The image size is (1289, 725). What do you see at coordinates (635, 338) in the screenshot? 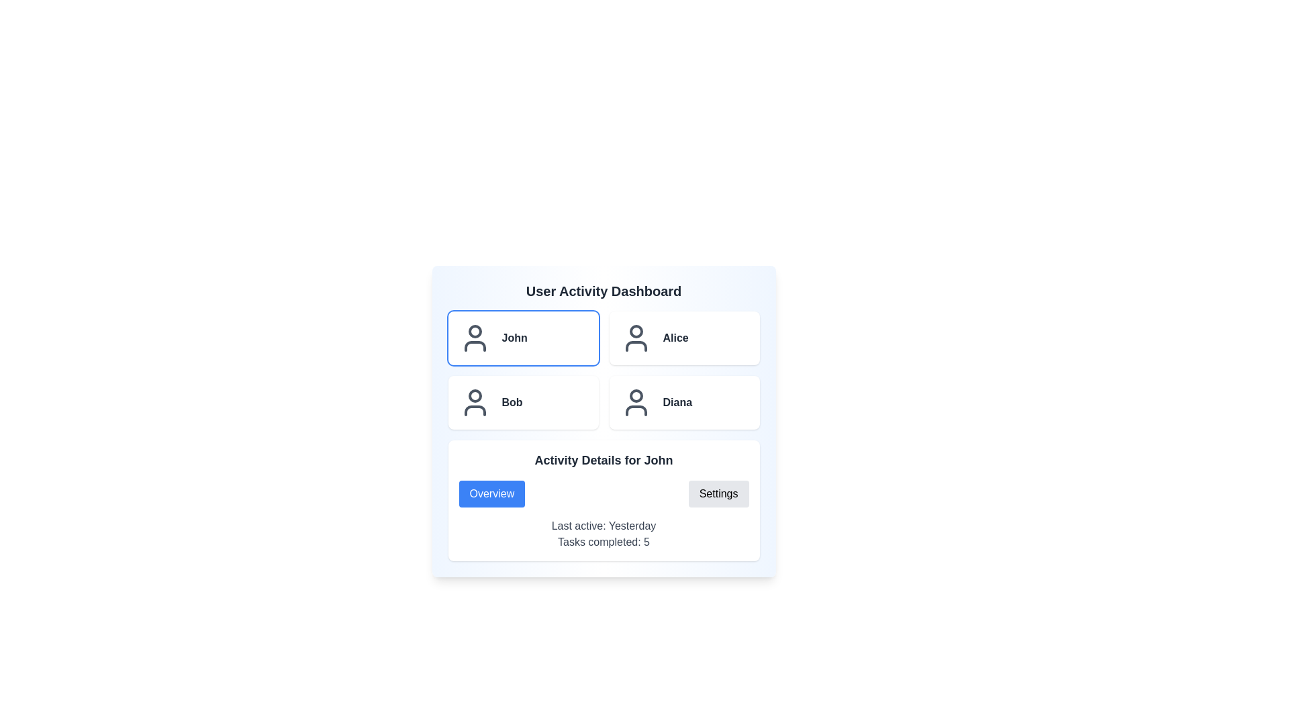
I see `the user avatar icon representing 'Alice' located in the user card component, which is centered above the text inside the card` at bounding box center [635, 338].